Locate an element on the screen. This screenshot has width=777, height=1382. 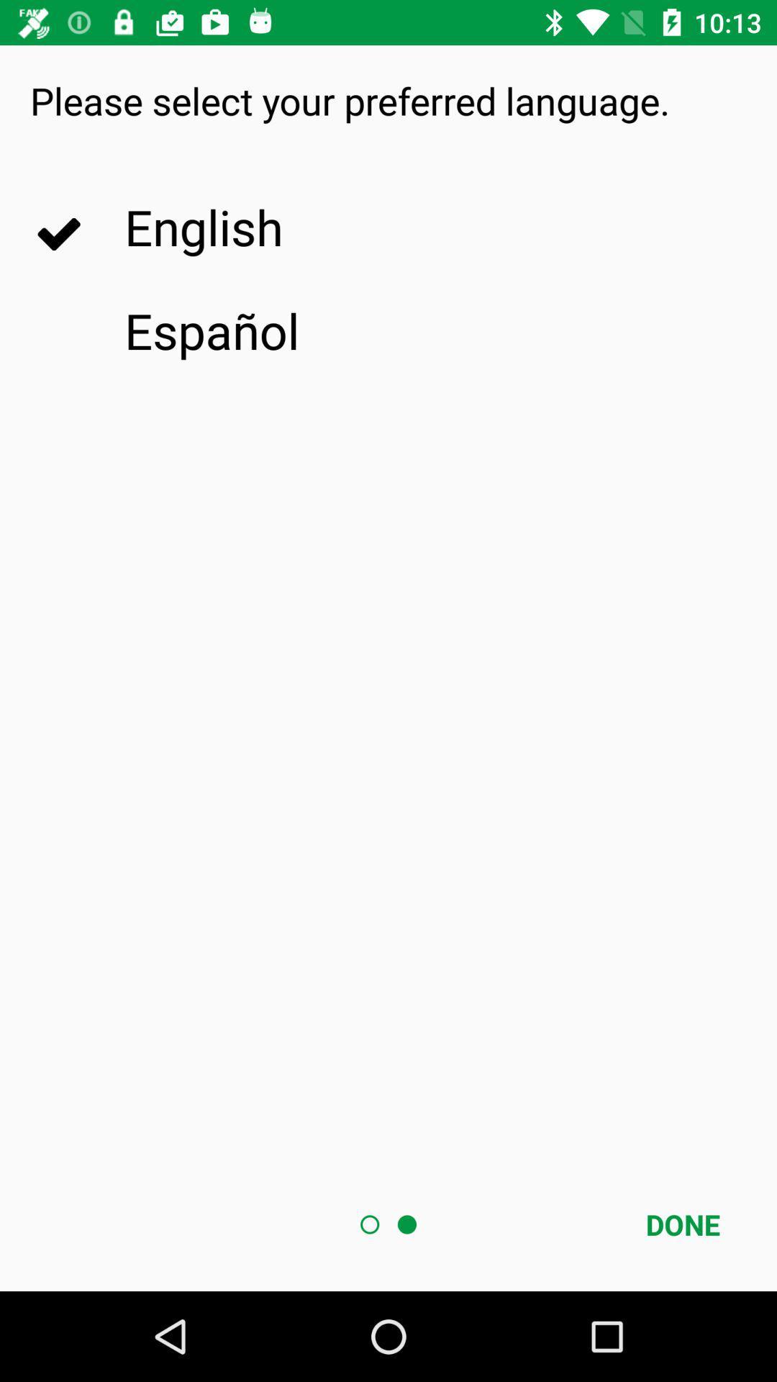
the done item is located at coordinates (682, 1224).